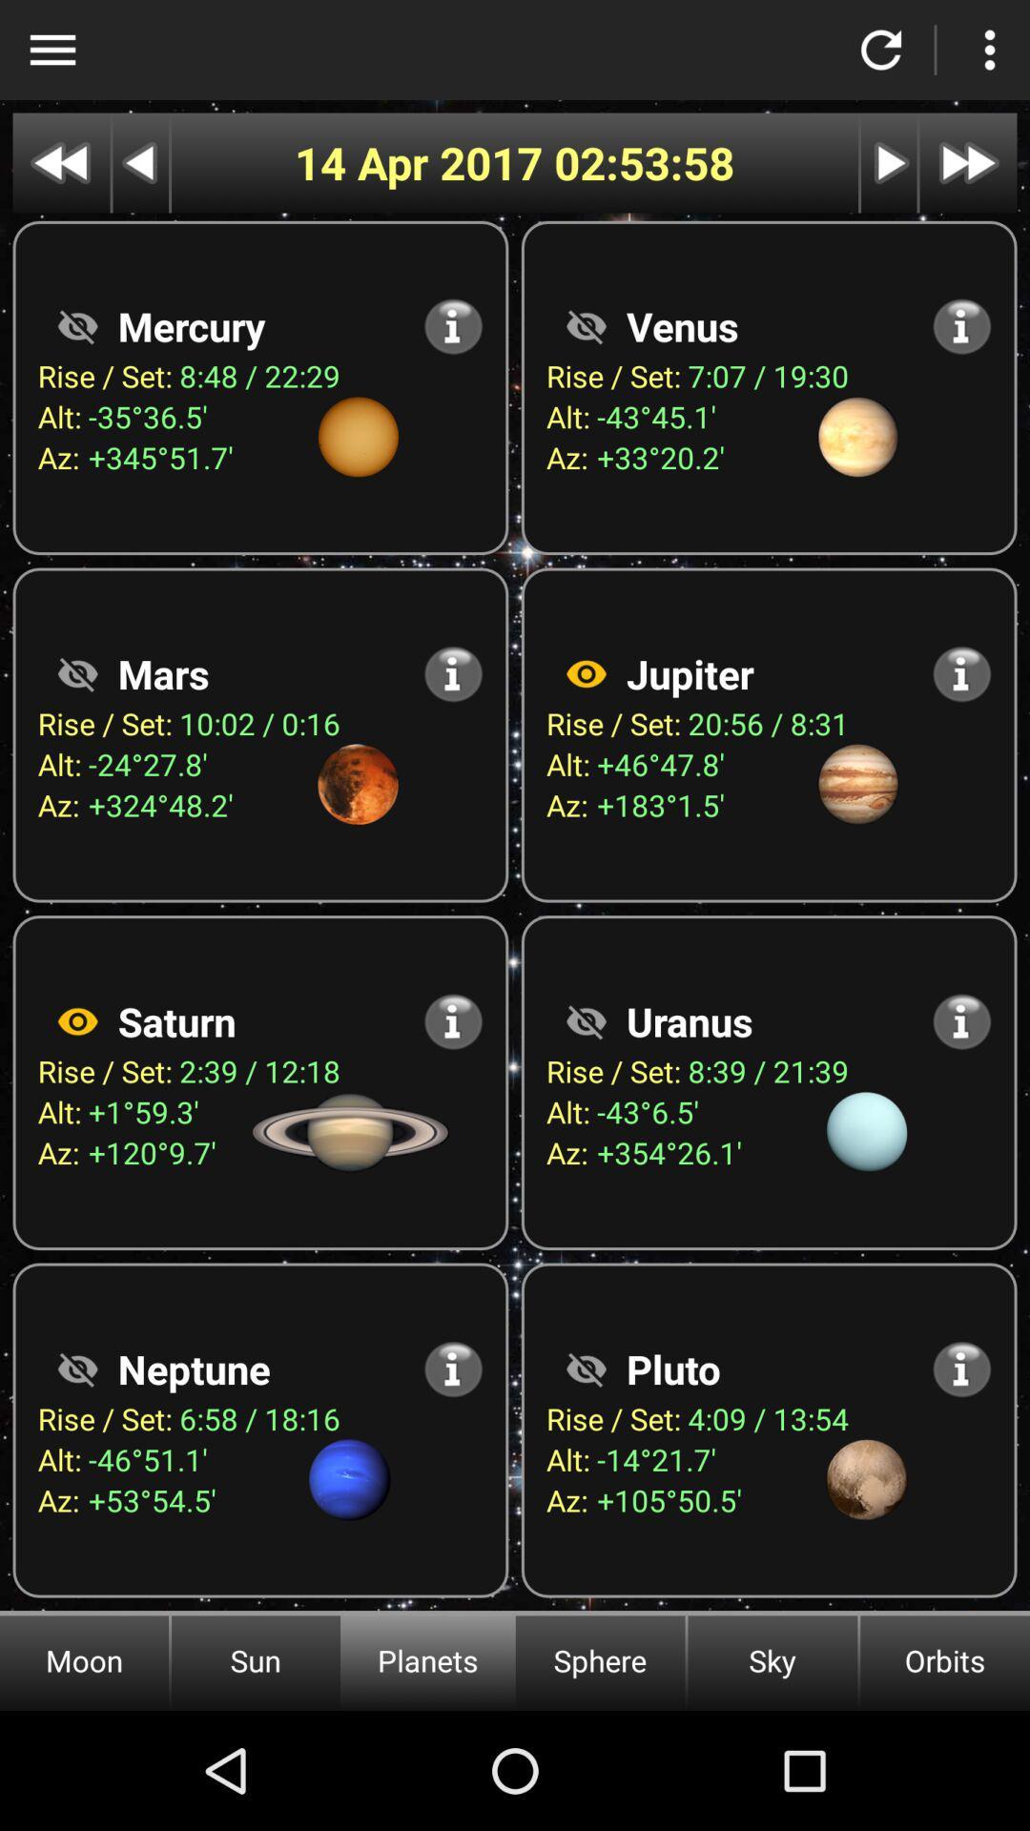 The height and width of the screenshot is (1831, 1030). Describe the element at coordinates (961, 1020) in the screenshot. I see `the info icon` at that location.